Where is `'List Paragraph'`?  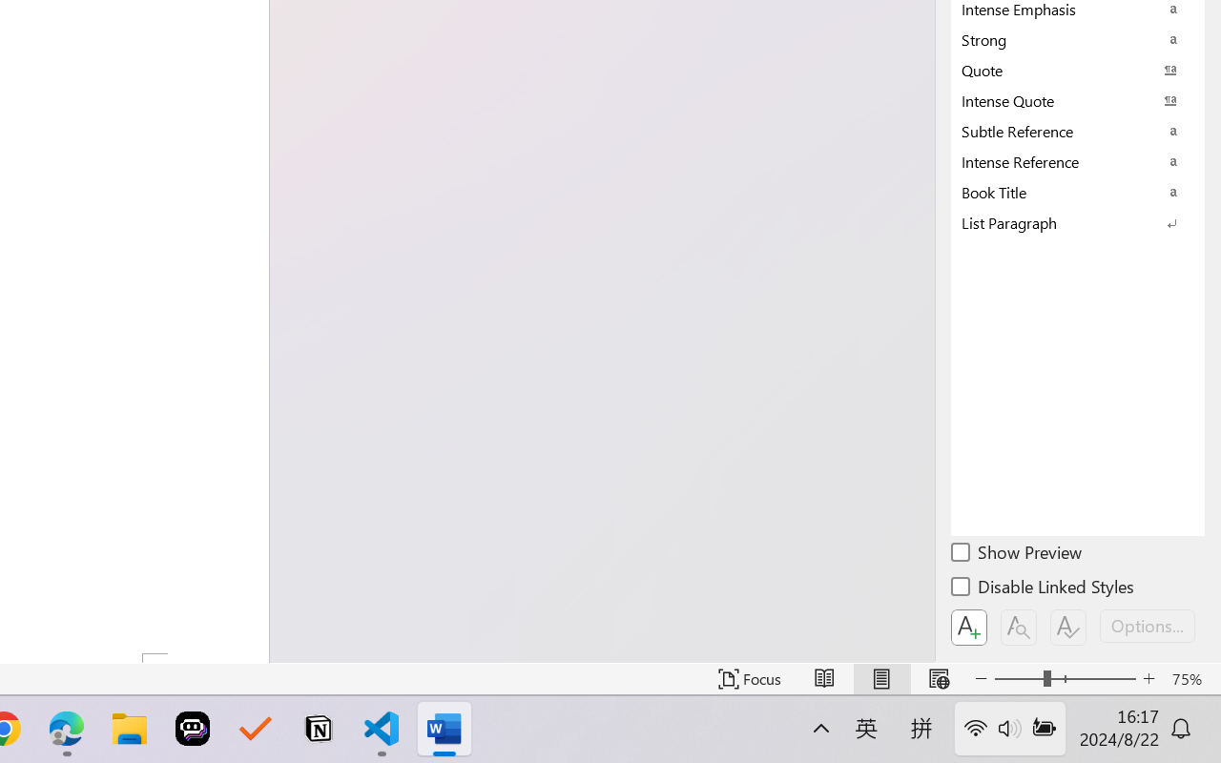 'List Paragraph' is located at coordinates (1078, 222).